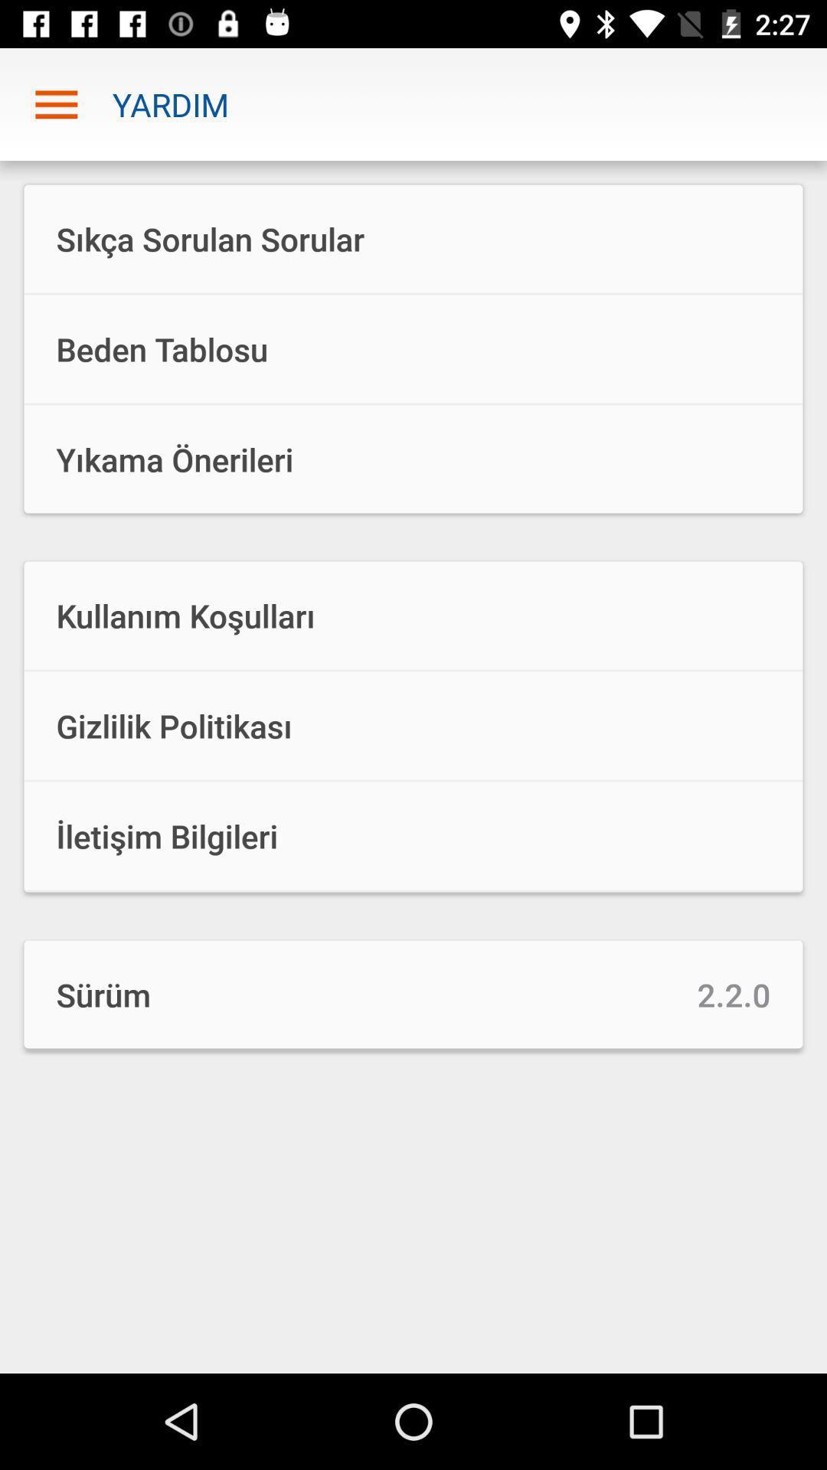 This screenshot has height=1470, width=827. What do you see at coordinates (55, 103) in the screenshot?
I see `the icon to the left of yardim item` at bounding box center [55, 103].